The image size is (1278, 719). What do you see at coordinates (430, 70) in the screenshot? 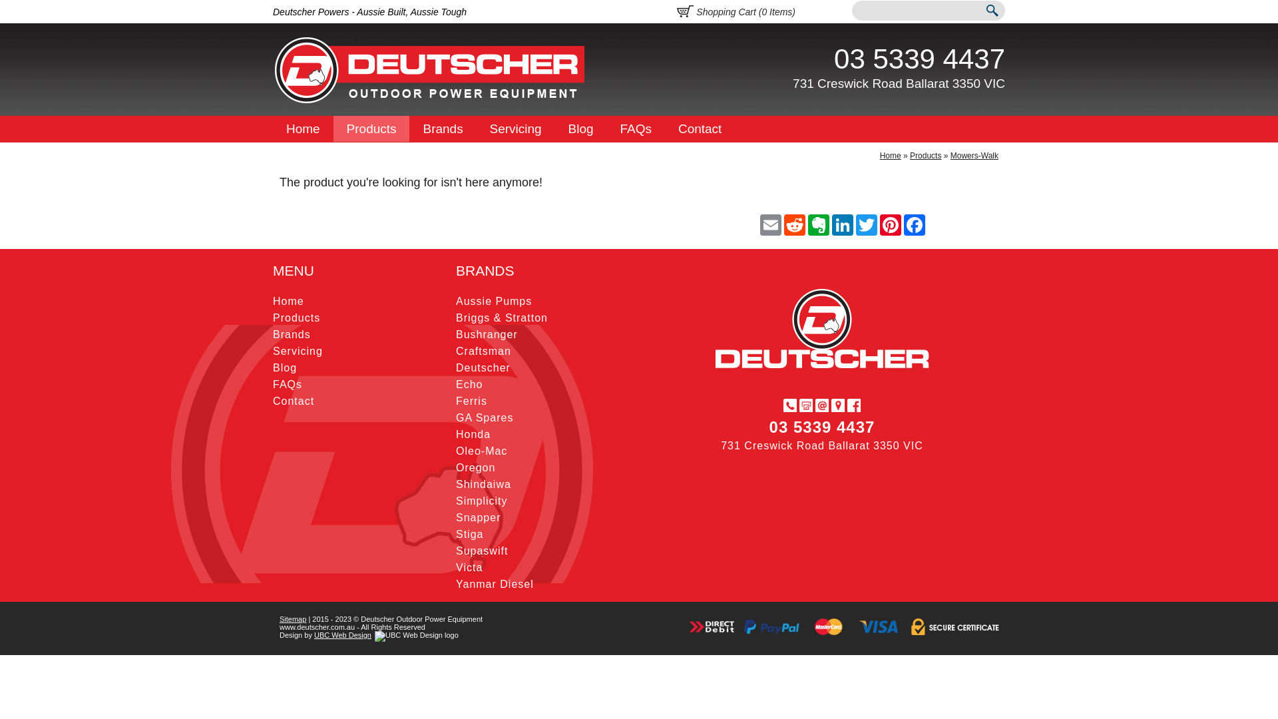
I see `'Deutscher Outdoor Power Equipment'` at bounding box center [430, 70].